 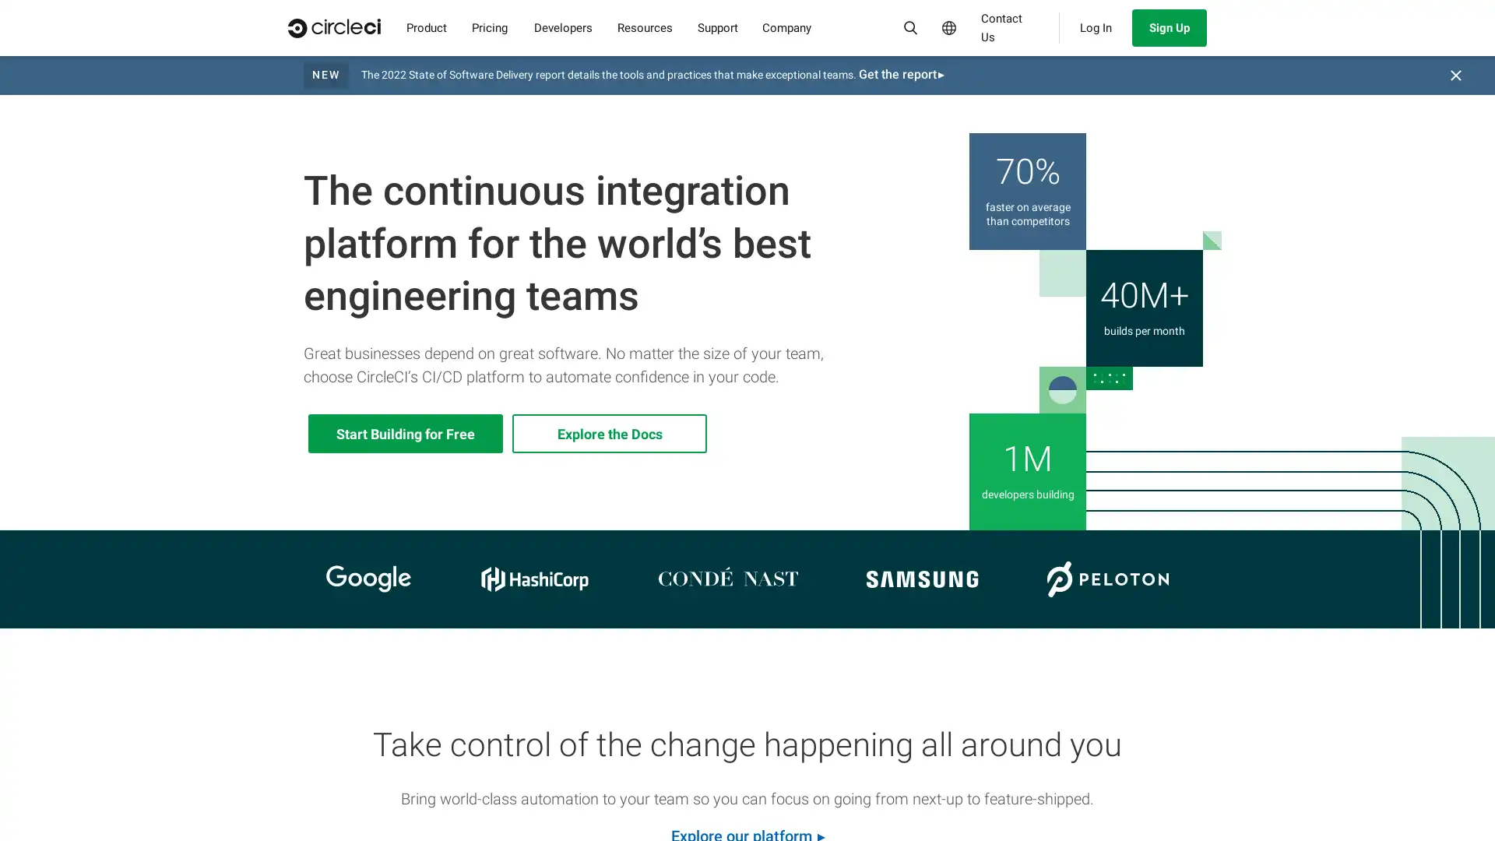 I want to click on Close banner, so click(x=1455, y=75).